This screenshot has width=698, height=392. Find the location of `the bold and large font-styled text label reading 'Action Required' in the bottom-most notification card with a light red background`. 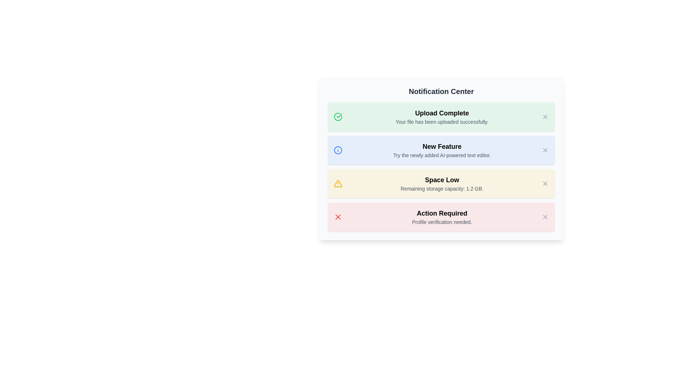

the bold and large font-styled text label reading 'Action Required' in the bottom-most notification card with a light red background is located at coordinates (441, 213).